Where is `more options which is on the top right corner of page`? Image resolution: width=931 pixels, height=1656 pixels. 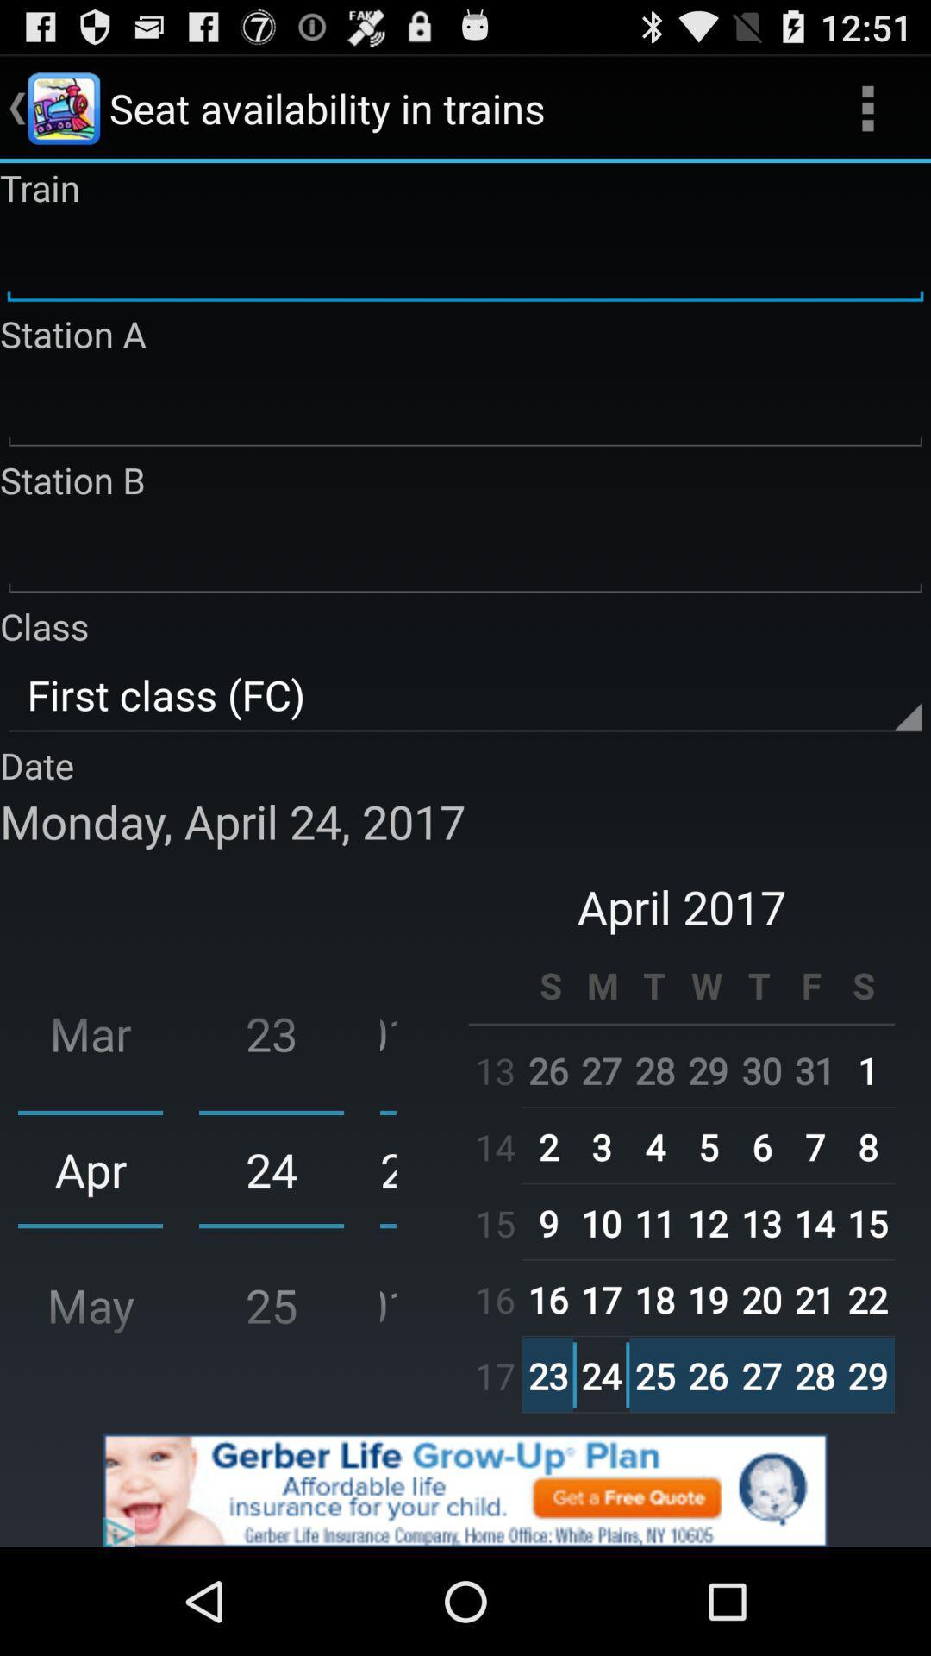 more options which is on the top right corner of page is located at coordinates (867, 107).